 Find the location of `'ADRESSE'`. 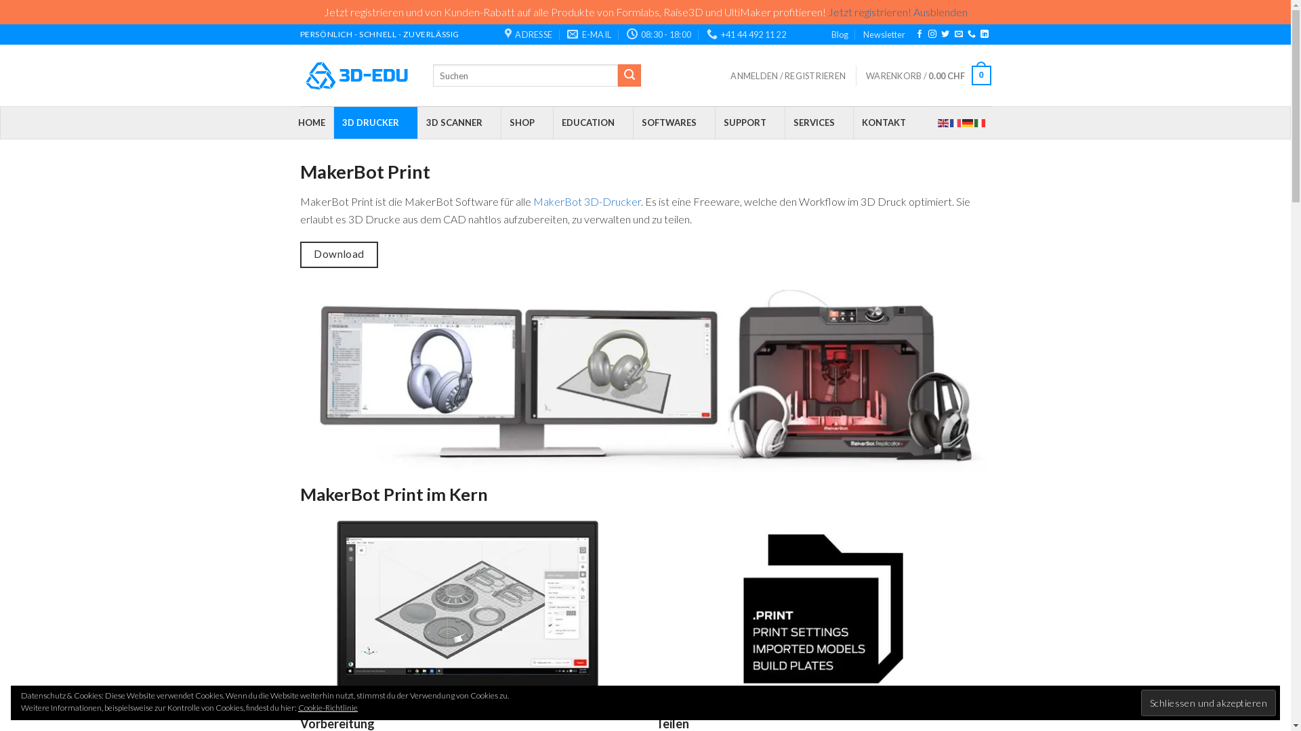

'ADRESSE' is located at coordinates (503, 33).